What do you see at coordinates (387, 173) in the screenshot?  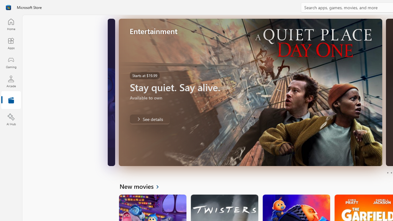 I see `'Page 1'` at bounding box center [387, 173].